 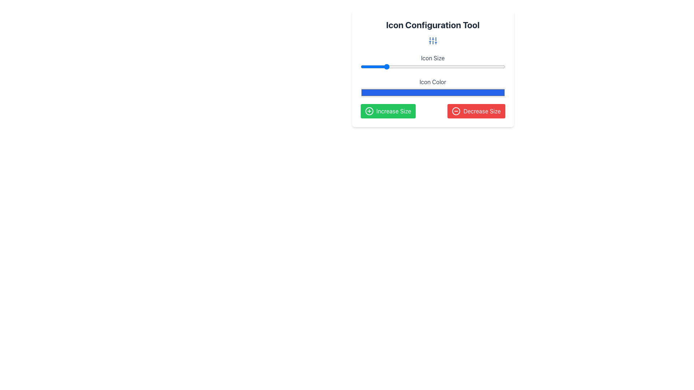 What do you see at coordinates (433, 67) in the screenshot?
I see `icon size` at bounding box center [433, 67].